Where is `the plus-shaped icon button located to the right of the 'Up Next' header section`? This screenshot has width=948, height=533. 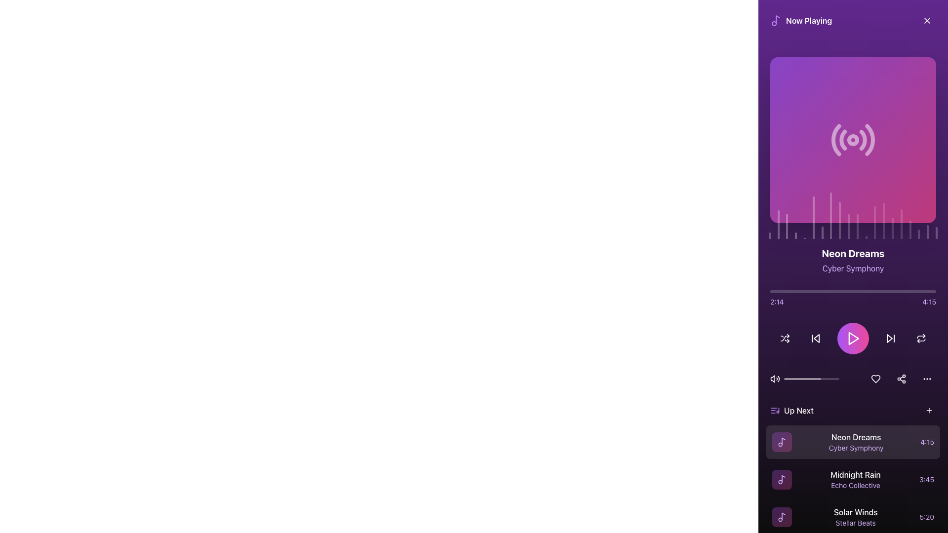
the plus-shaped icon button located to the right of the 'Up Next' header section is located at coordinates (928, 411).